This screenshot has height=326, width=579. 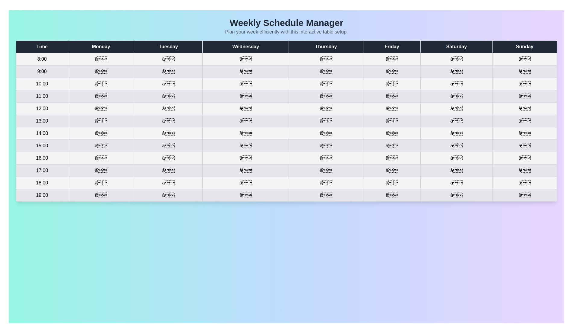 I want to click on the header cell labeled Saturday to sort by that column, so click(x=456, y=46).